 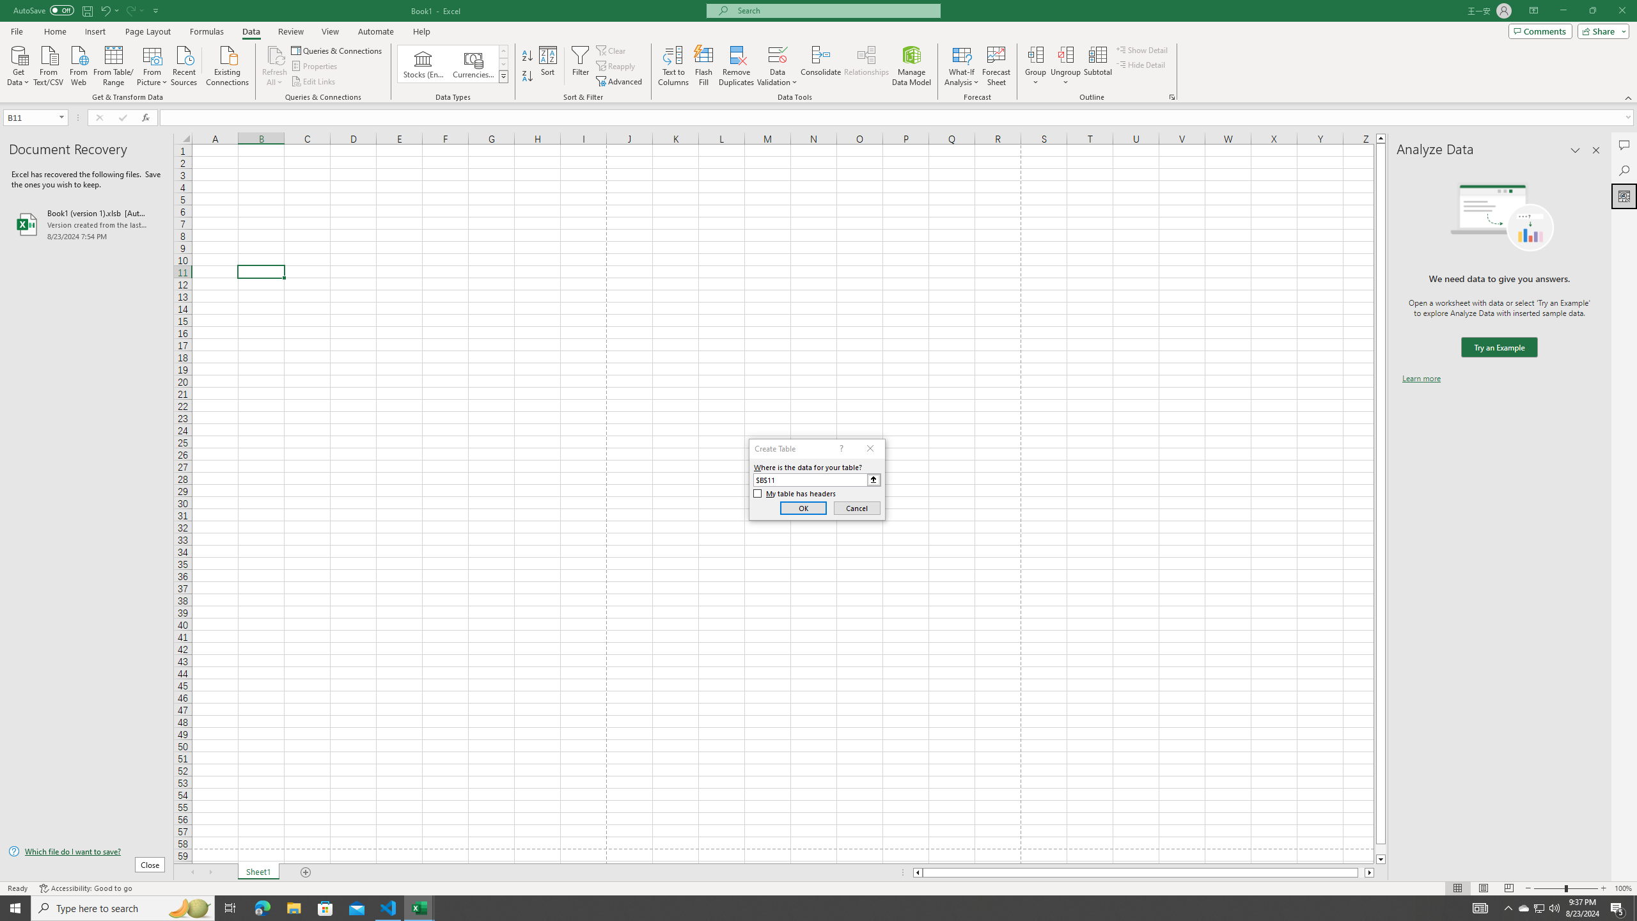 What do you see at coordinates (962, 66) in the screenshot?
I see `'What-If Analysis'` at bounding box center [962, 66].